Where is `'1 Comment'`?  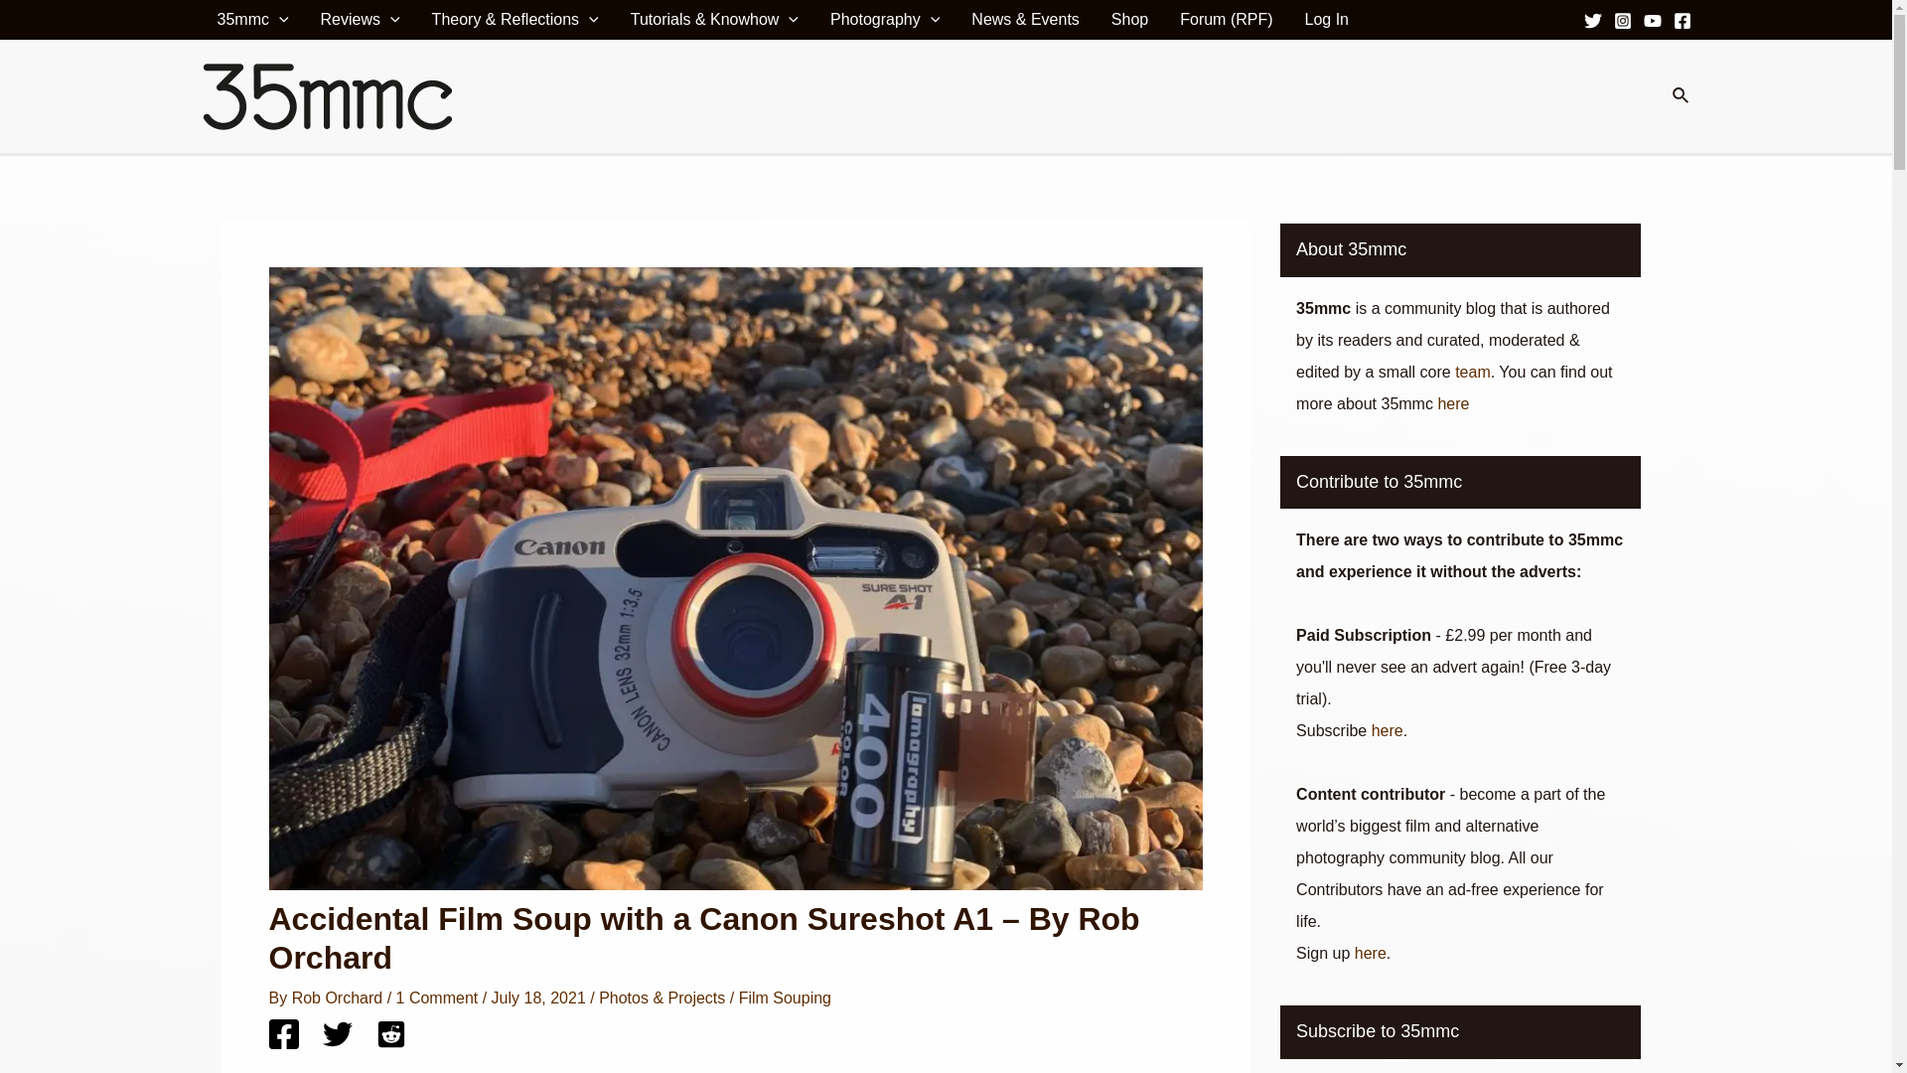
'1 Comment' is located at coordinates (436, 997).